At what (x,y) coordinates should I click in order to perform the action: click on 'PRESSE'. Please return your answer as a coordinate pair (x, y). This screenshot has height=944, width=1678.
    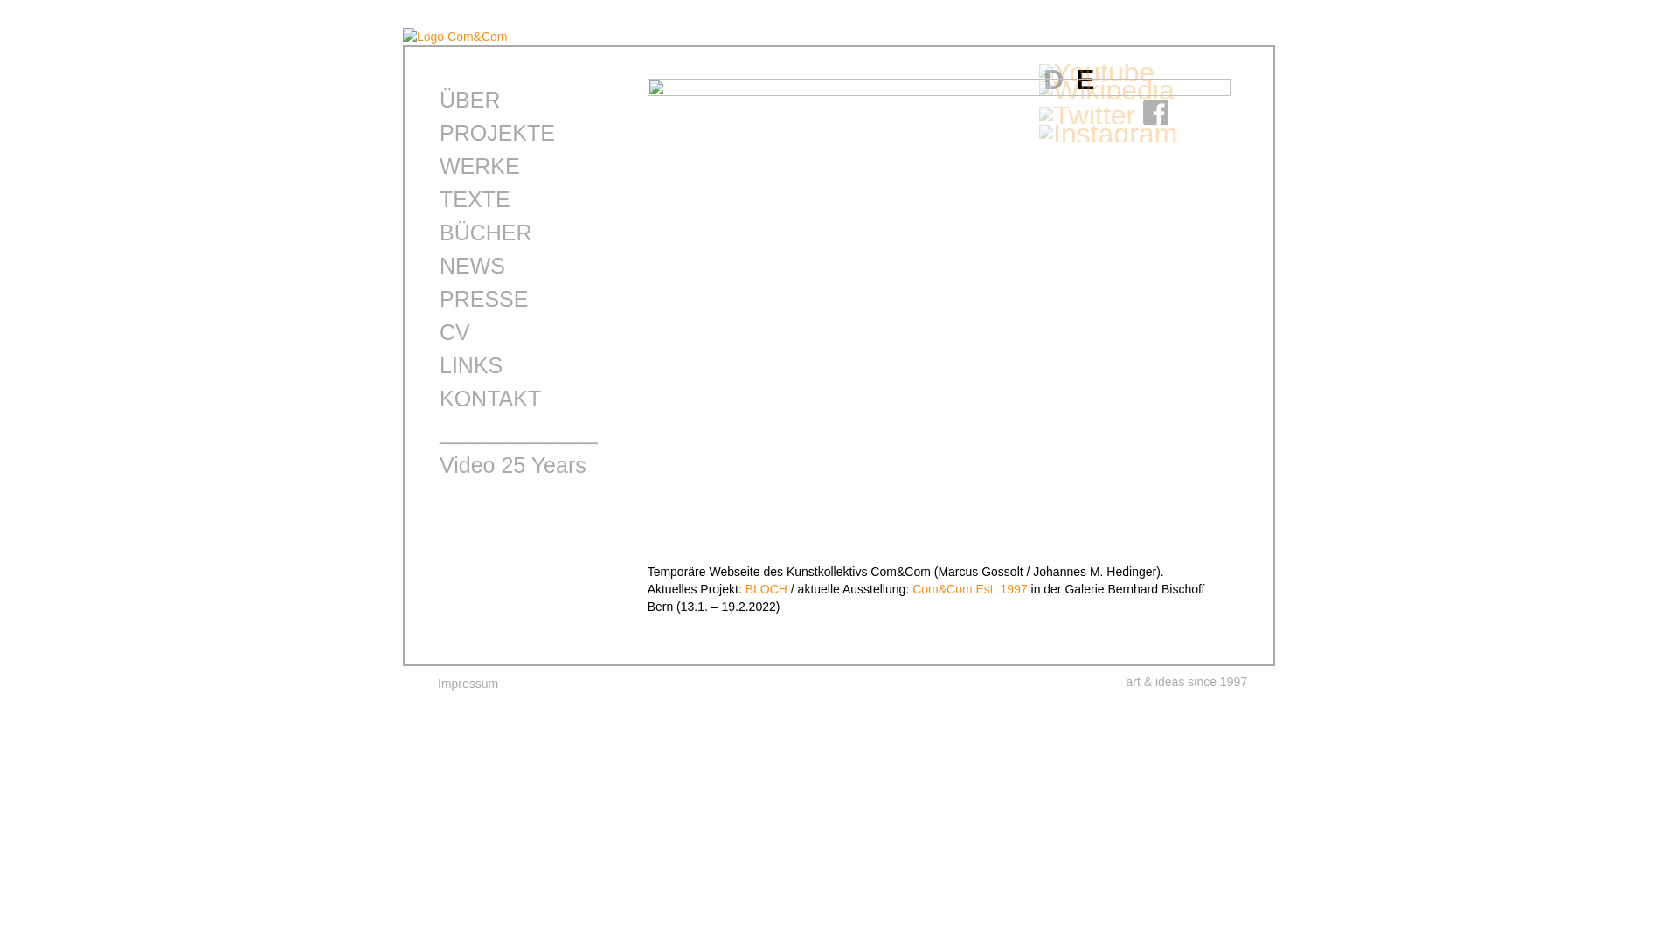
    Looking at the image, I should click on (483, 298).